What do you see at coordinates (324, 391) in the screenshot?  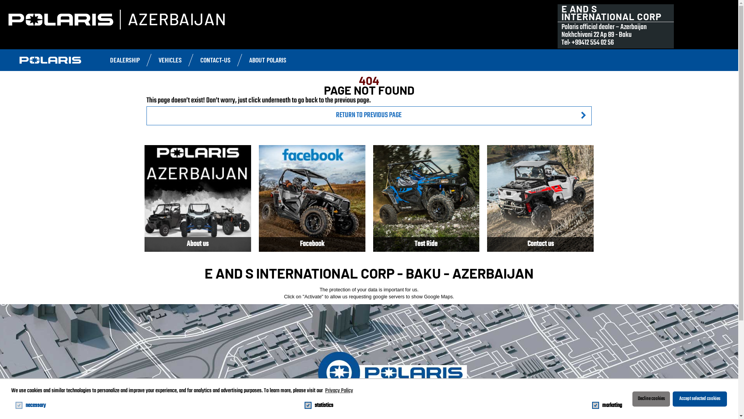 I see `'Privacy Policy'` at bounding box center [324, 391].